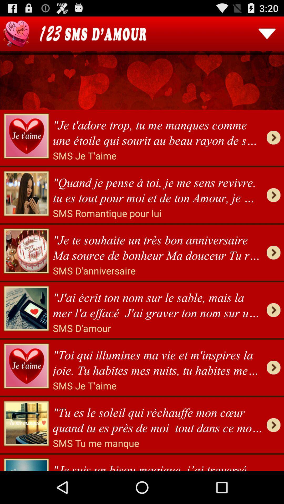 This screenshot has width=284, height=504. I want to click on the quand je pense item, so click(158, 188).